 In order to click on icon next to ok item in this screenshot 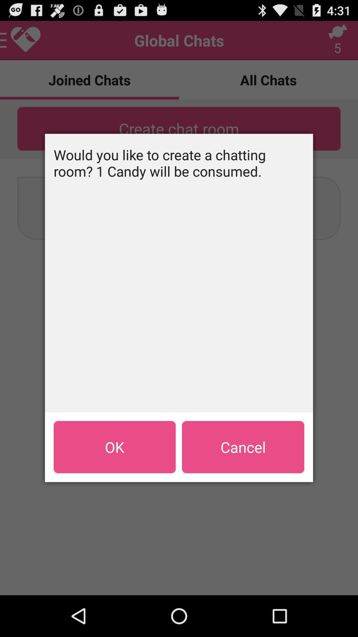, I will do `click(243, 447)`.